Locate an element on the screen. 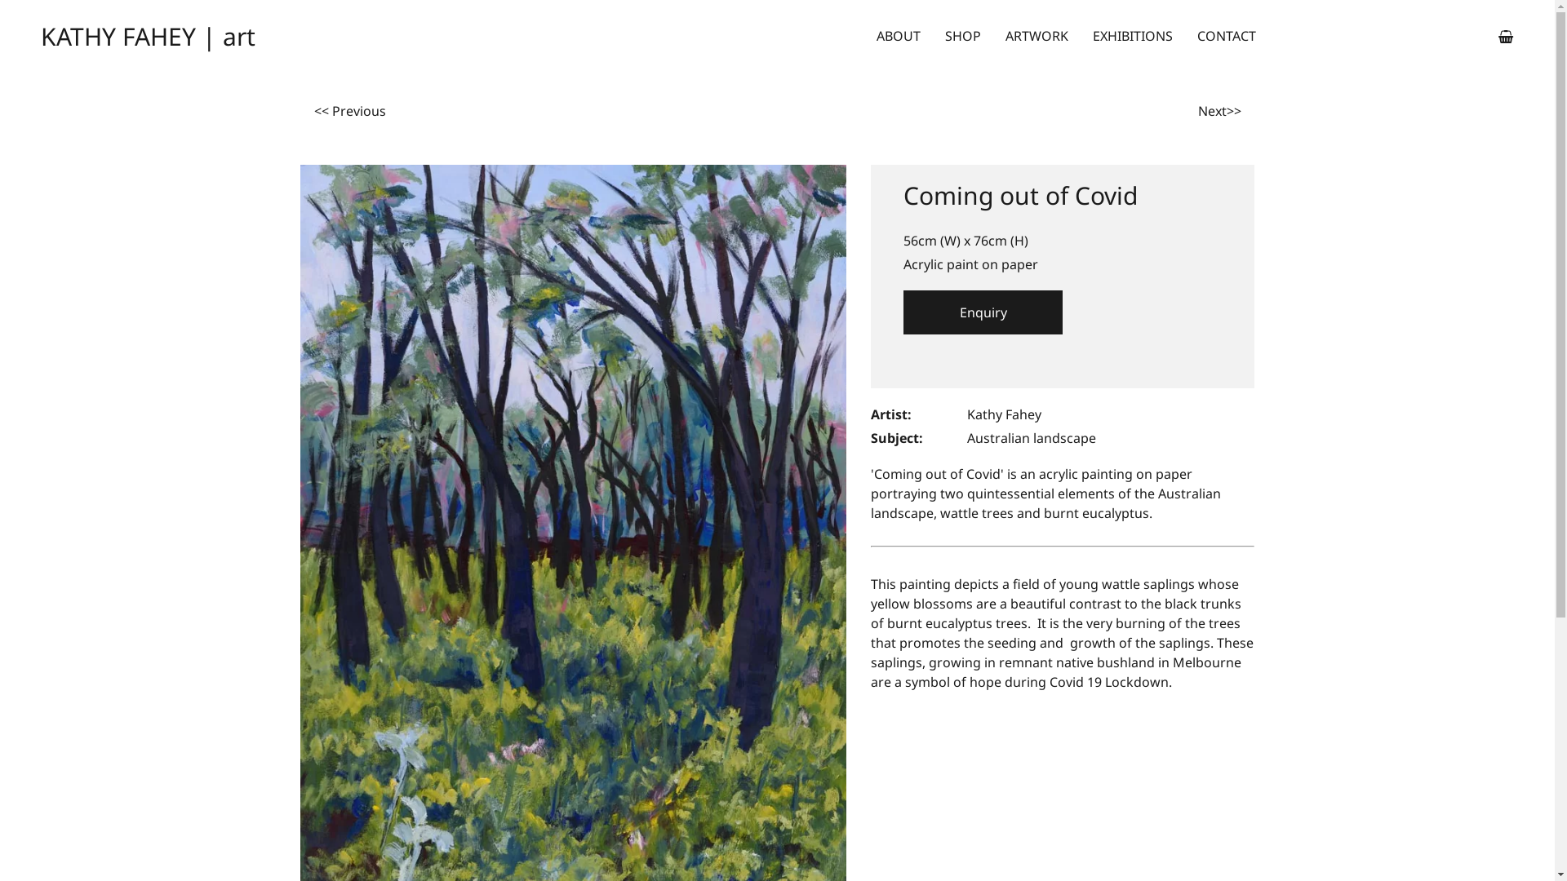 The width and height of the screenshot is (1567, 881). 'Enquiry' is located at coordinates (982, 312).